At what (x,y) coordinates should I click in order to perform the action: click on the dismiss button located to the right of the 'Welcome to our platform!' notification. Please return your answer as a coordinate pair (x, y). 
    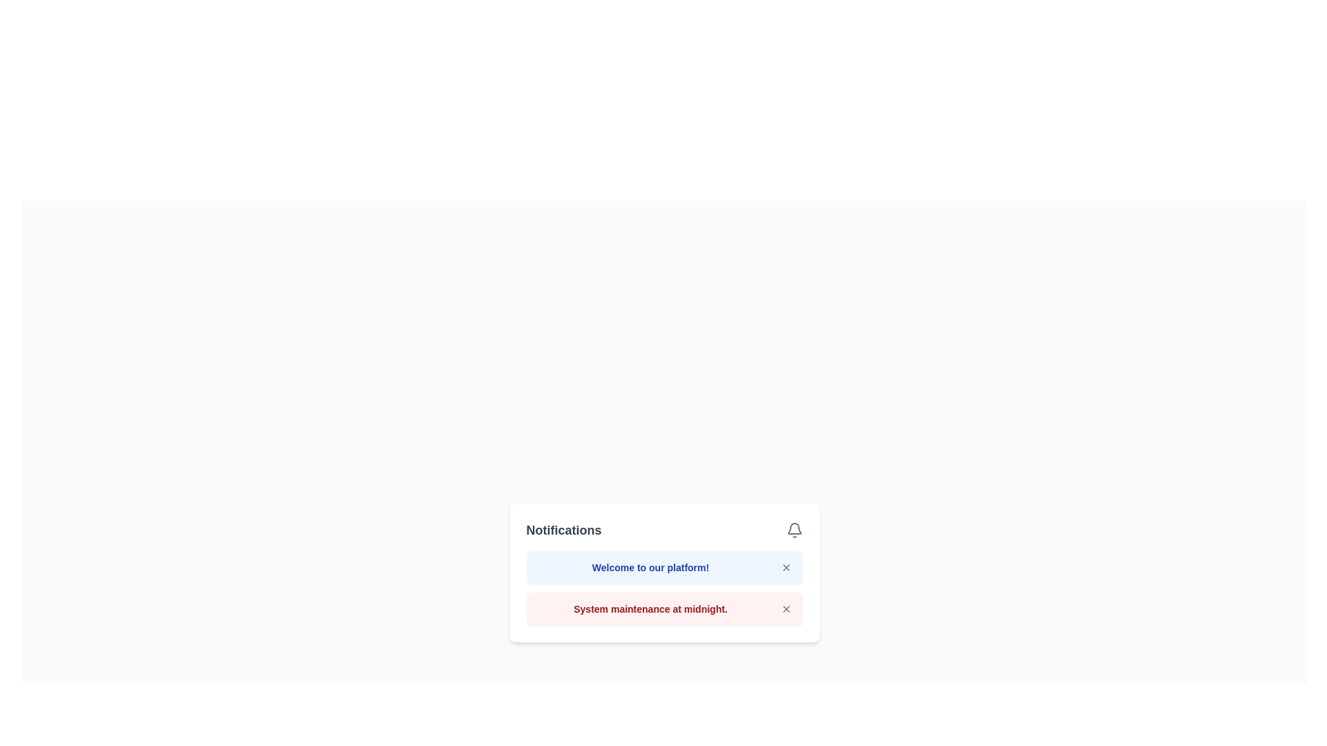
    Looking at the image, I should click on (786, 567).